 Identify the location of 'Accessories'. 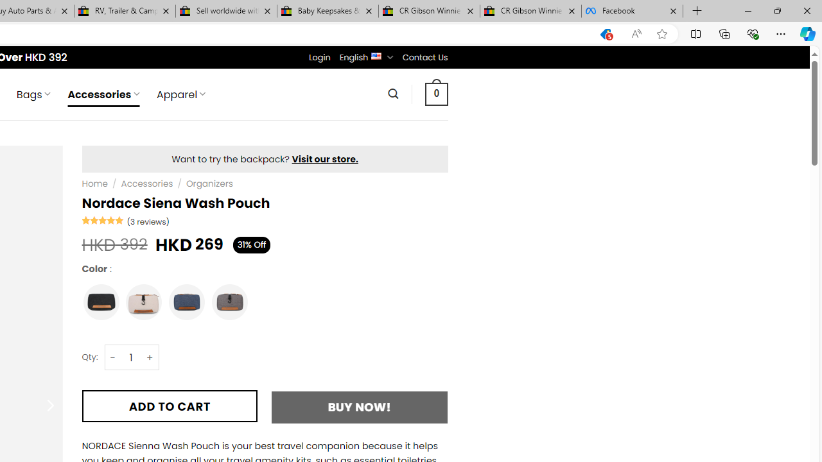
(147, 184).